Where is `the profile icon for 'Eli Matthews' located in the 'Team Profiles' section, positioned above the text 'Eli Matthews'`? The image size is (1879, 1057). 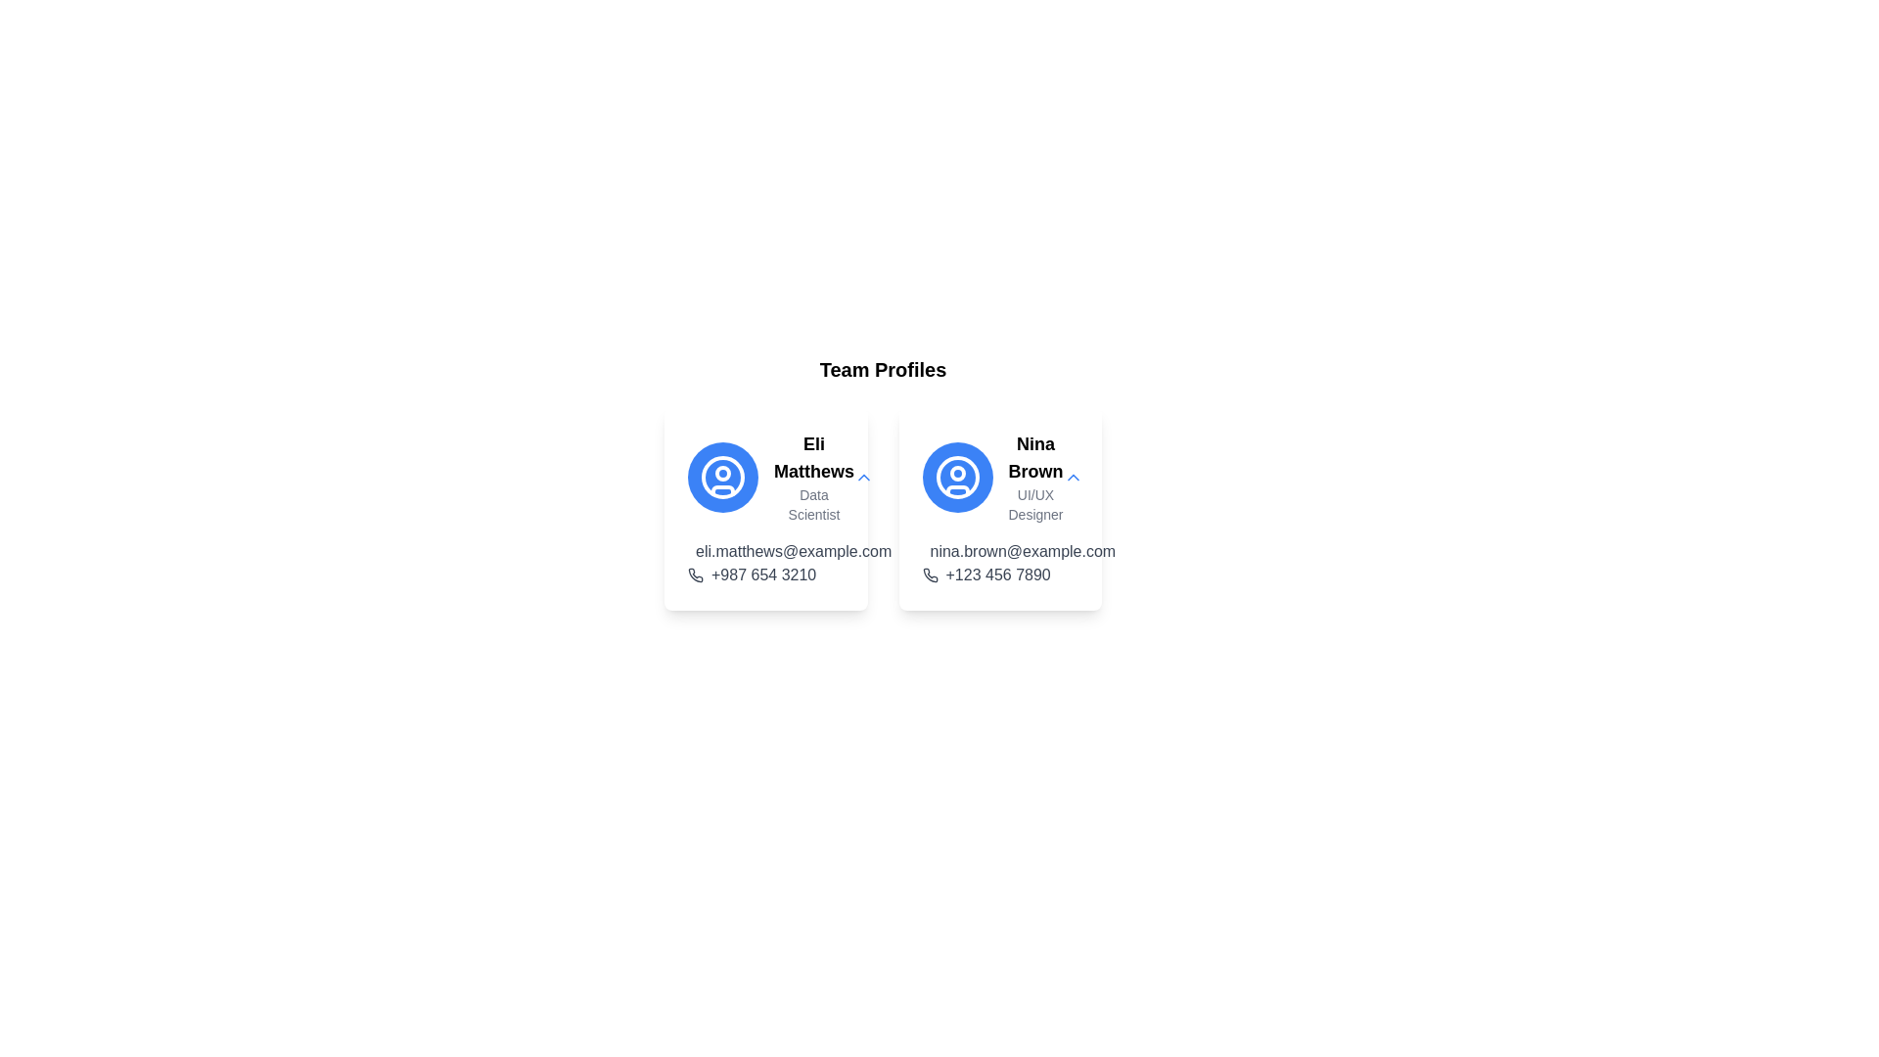
the profile icon for 'Eli Matthews' located in the 'Team Profiles' section, positioned above the text 'Eli Matthews' is located at coordinates (722, 478).